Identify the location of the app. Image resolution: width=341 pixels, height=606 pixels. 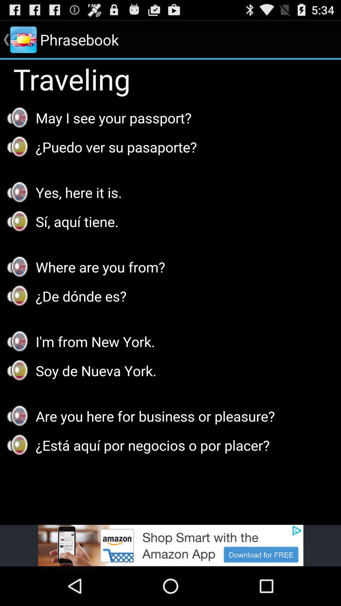
(170, 545).